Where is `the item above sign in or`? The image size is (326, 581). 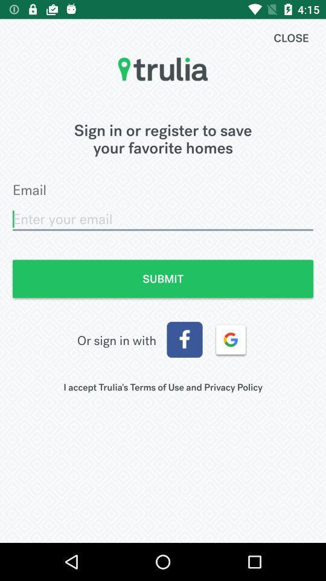 the item above sign in or is located at coordinates (290, 38).